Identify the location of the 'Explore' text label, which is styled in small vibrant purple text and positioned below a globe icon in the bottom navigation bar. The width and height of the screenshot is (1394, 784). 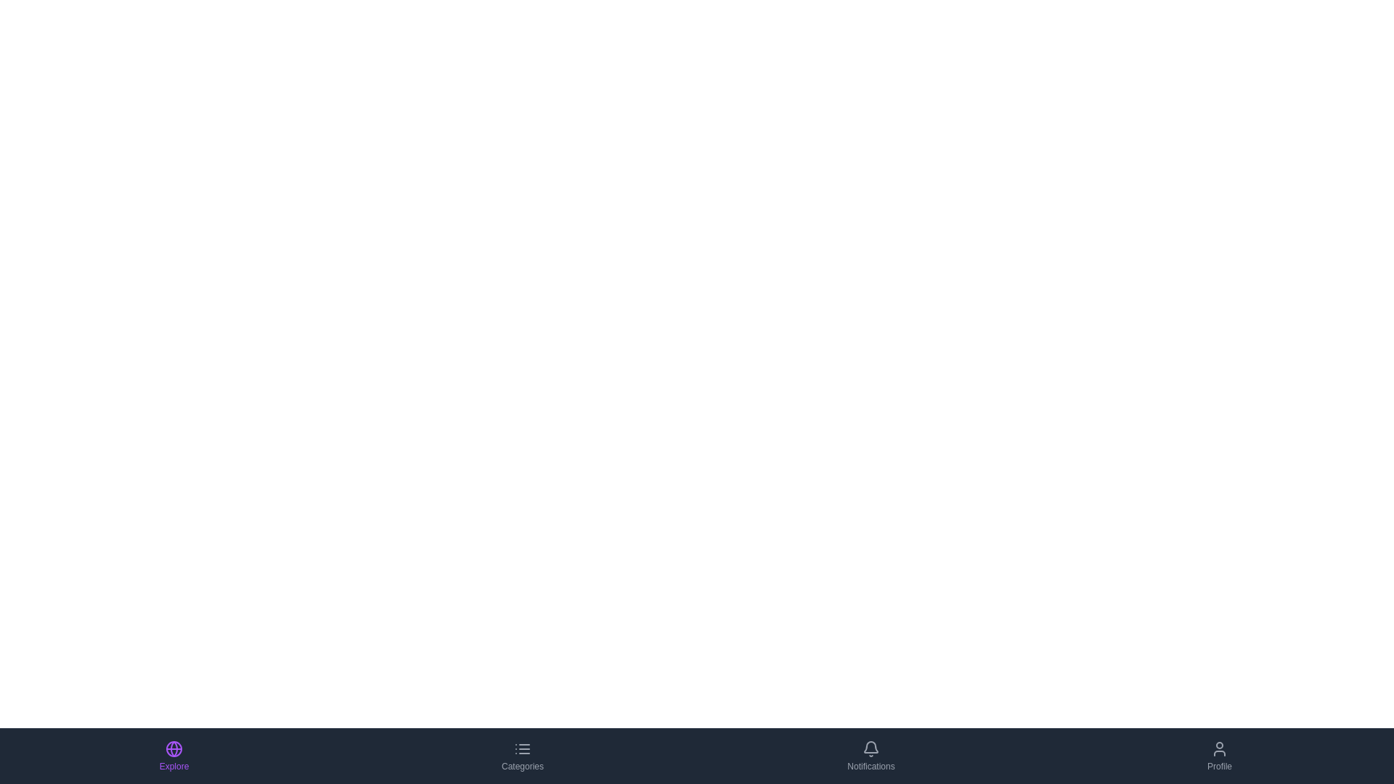
(174, 766).